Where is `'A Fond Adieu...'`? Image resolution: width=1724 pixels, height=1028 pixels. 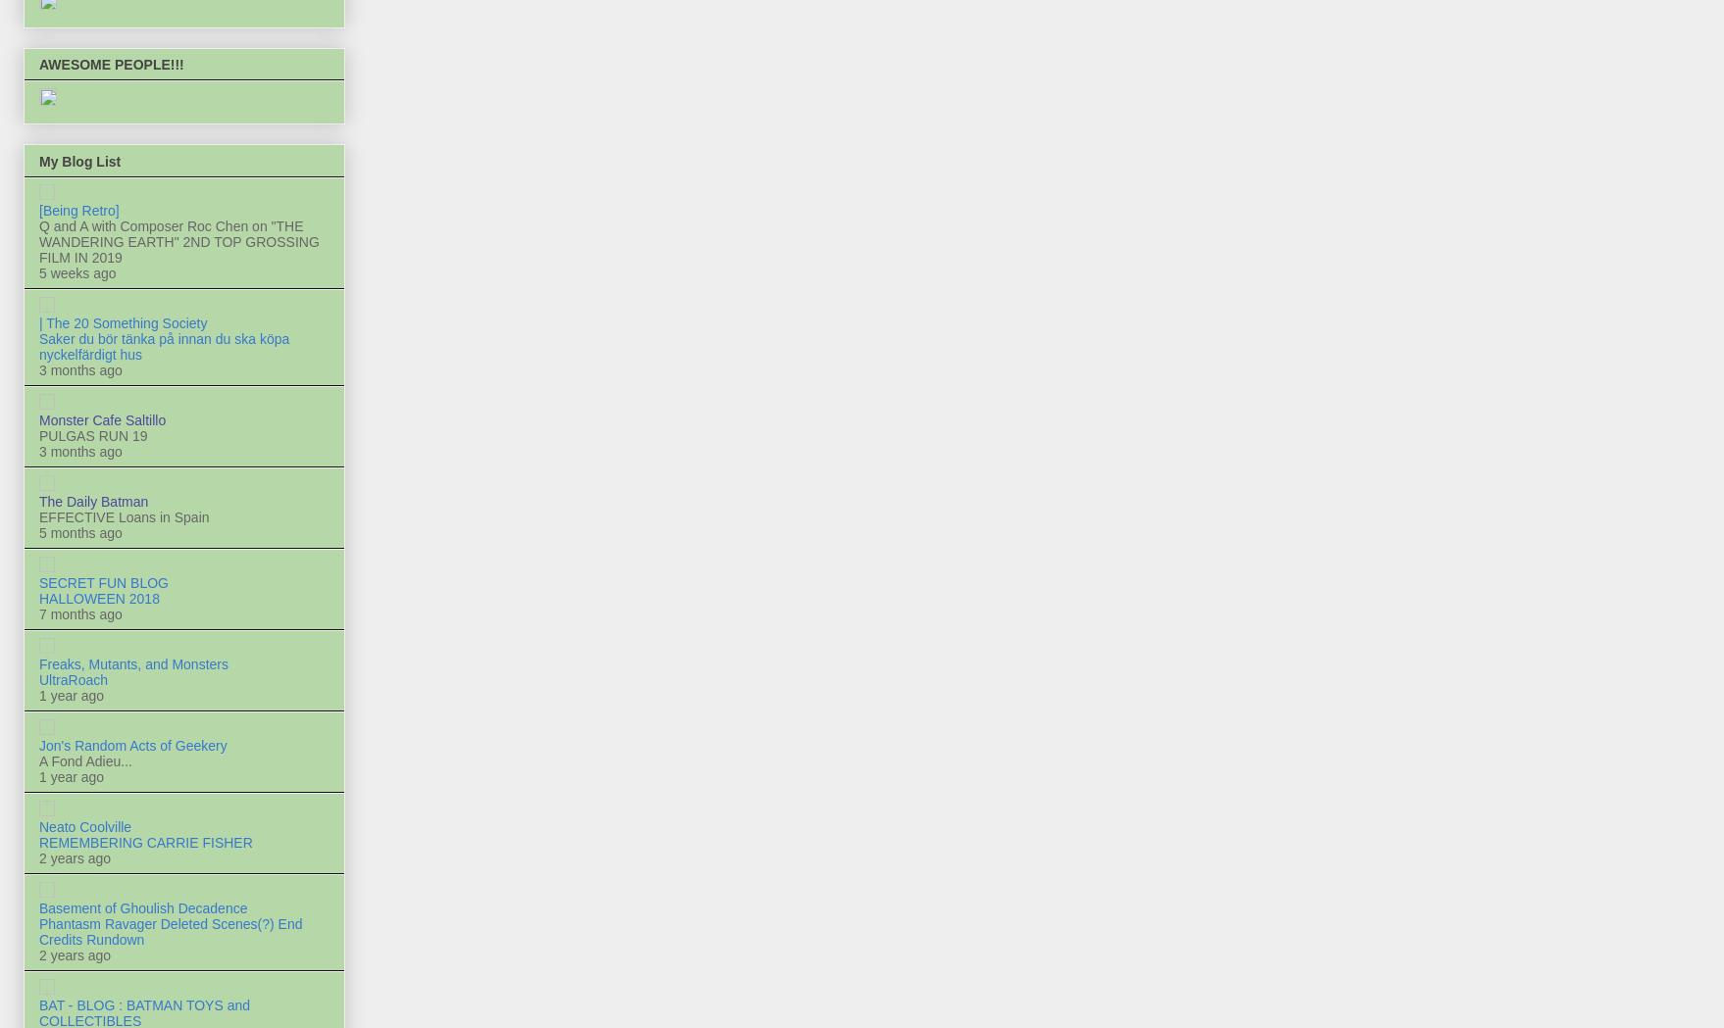
'A Fond Adieu...' is located at coordinates (85, 760).